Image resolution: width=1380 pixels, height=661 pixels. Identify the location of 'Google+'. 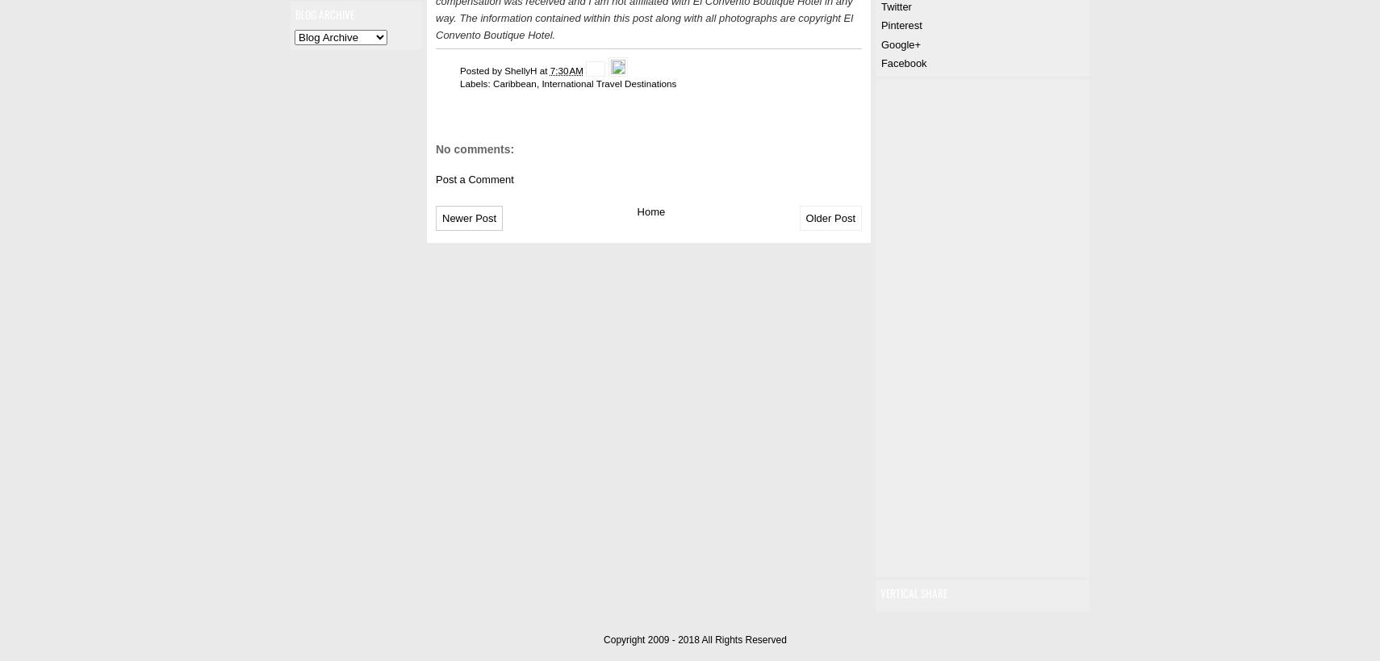
(899, 43).